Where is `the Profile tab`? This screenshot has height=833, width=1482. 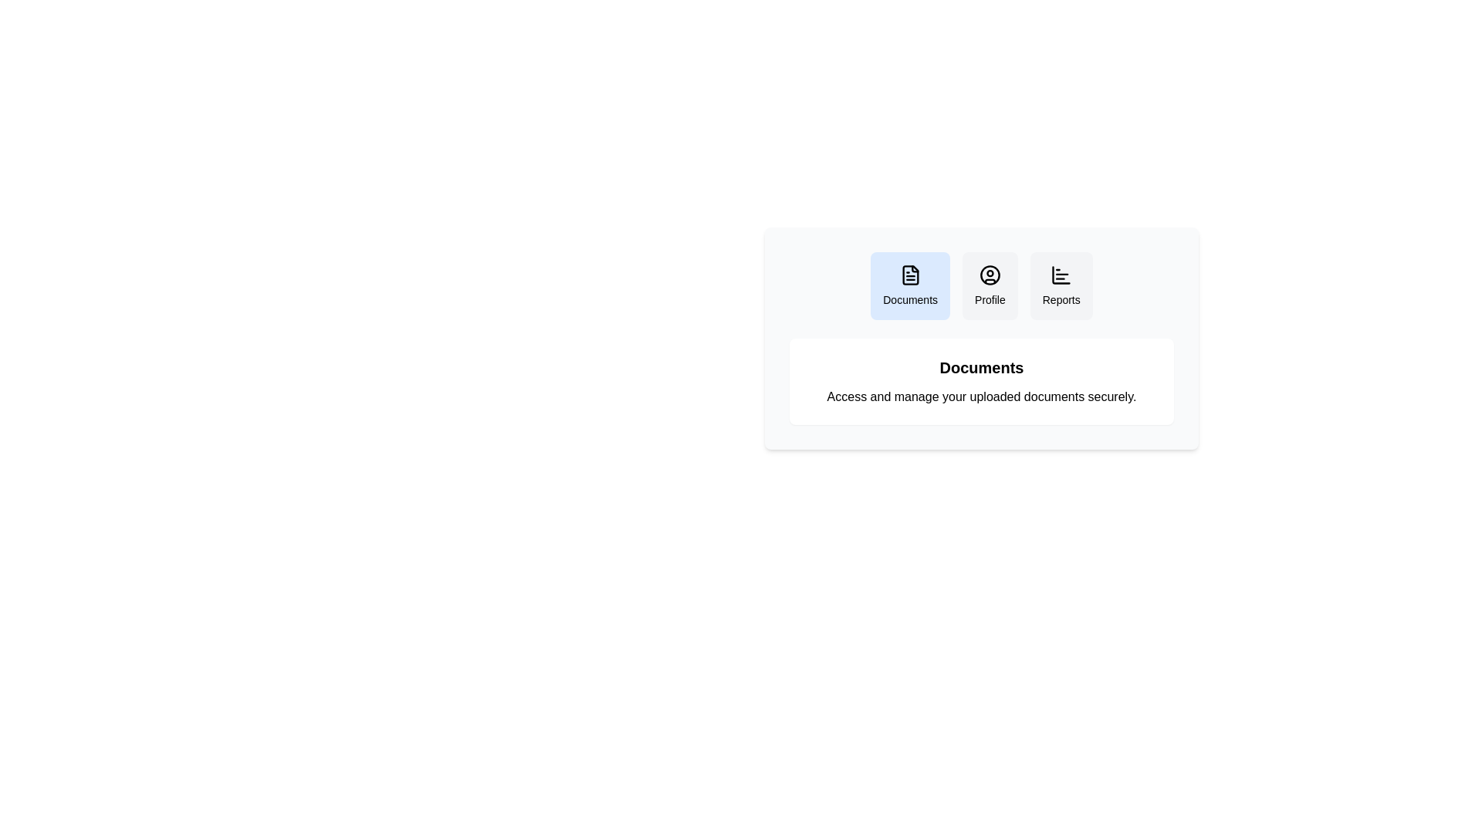
the Profile tab is located at coordinates (990, 285).